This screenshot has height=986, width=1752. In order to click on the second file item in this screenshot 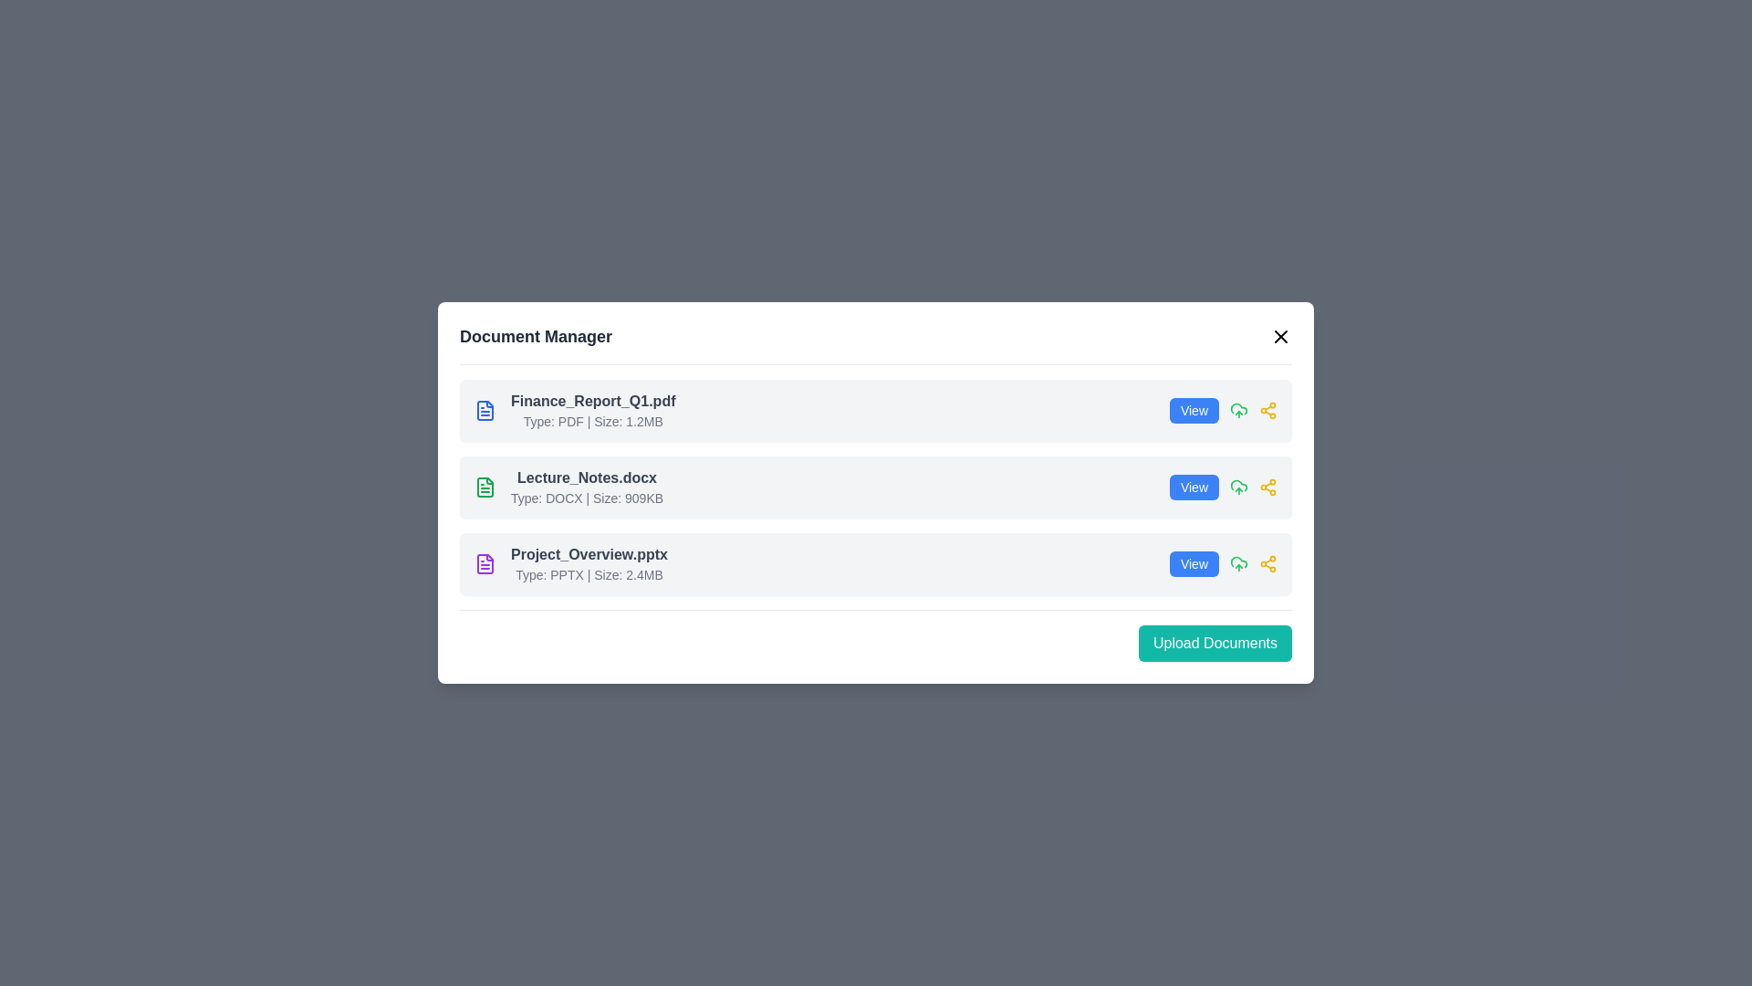, I will do `click(587, 486)`.